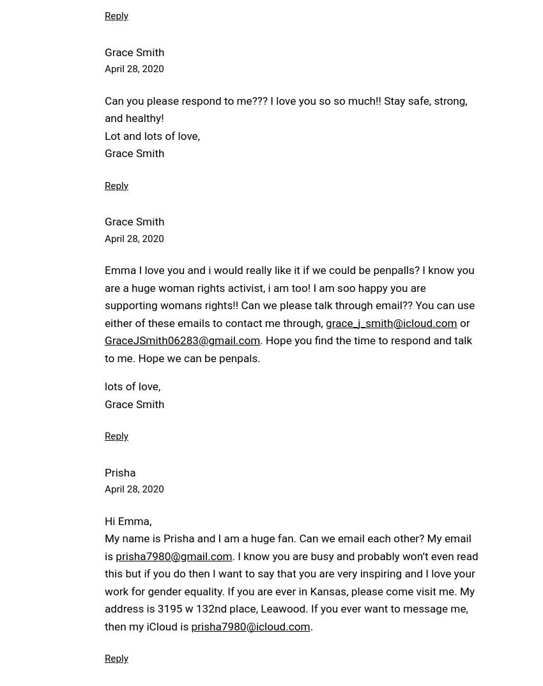 This screenshot has height=686, width=543. Describe the element at coordinates (311, 625) in the screenshot. I see `'.'` at that location.